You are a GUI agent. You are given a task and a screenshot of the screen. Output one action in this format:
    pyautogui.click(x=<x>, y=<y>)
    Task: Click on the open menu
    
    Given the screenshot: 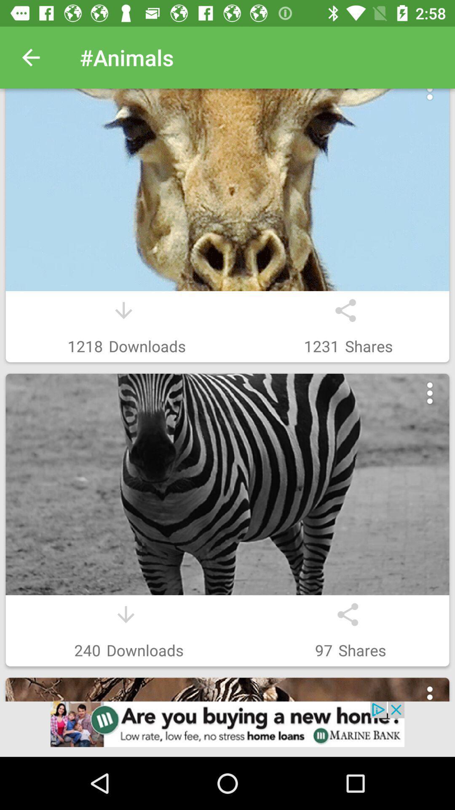 What is the action you would take?
    pyautogui.click(x=430, y=98)
    